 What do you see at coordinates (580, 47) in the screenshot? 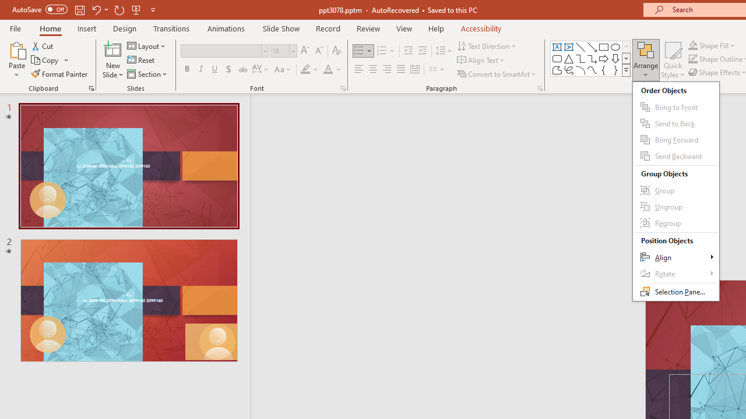
I see `'Line'` at bounding box center [580, 47].